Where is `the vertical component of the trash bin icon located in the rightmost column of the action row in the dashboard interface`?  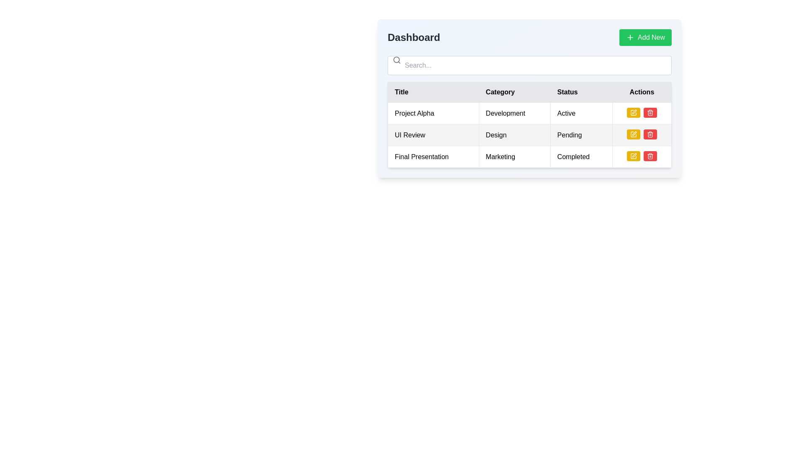 the vertical component of the trash bin icon located in the rightmost column of the action row in the dashboard interface is located at coordinates (650, 113).